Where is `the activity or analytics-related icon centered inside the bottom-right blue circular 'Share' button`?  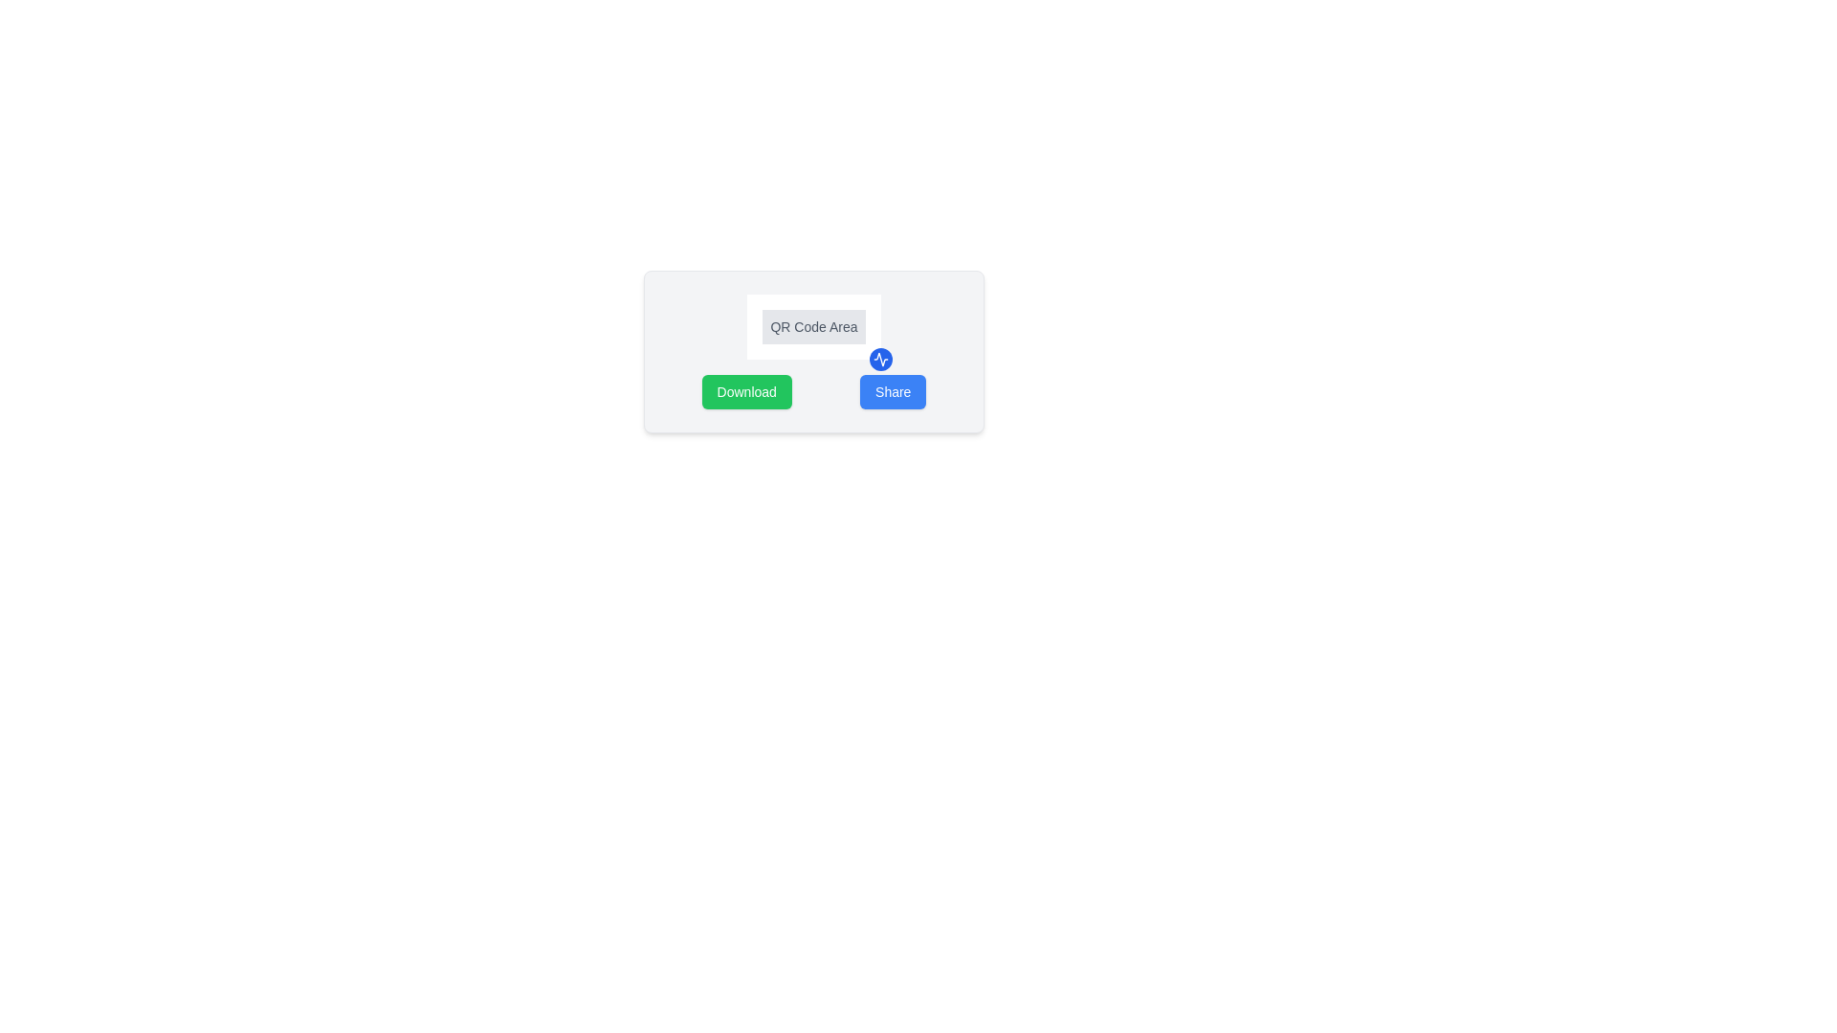
the activity or analytics-related icon centered inside the bottom-right blue circular 'Share' button is located at coordinates (879, 359).